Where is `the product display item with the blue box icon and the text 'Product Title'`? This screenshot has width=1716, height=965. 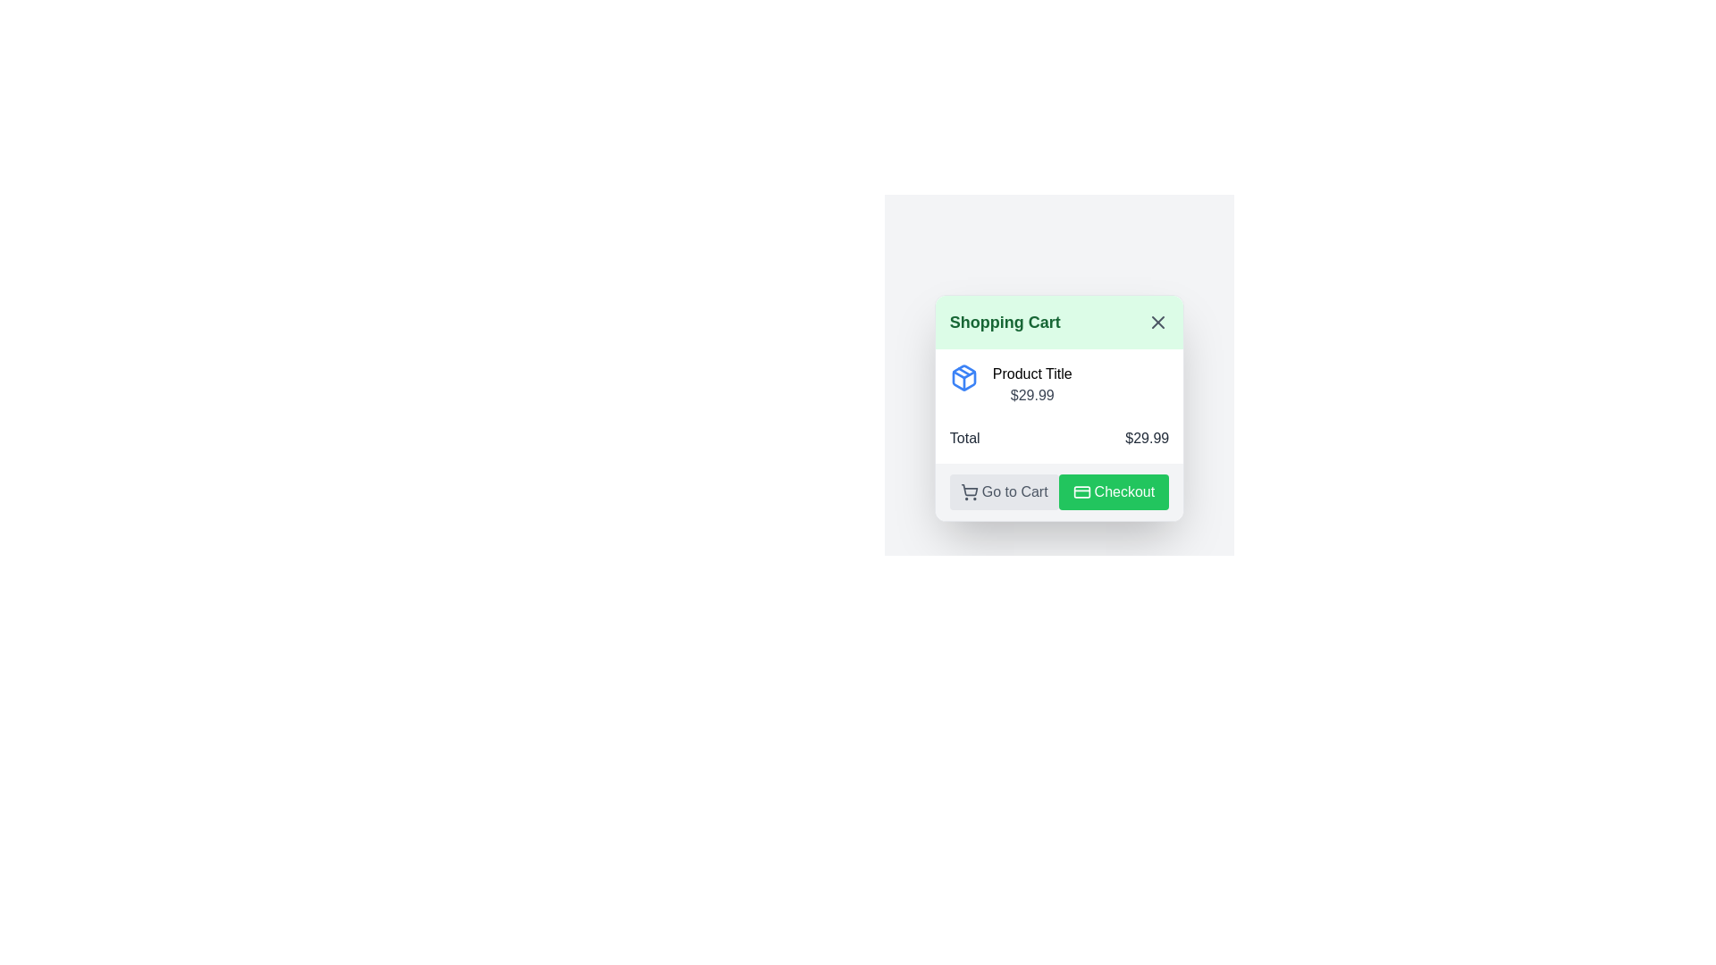
the product display item with the blue box icon and the text 'Product Title' is located at coordinates (1059, 384).